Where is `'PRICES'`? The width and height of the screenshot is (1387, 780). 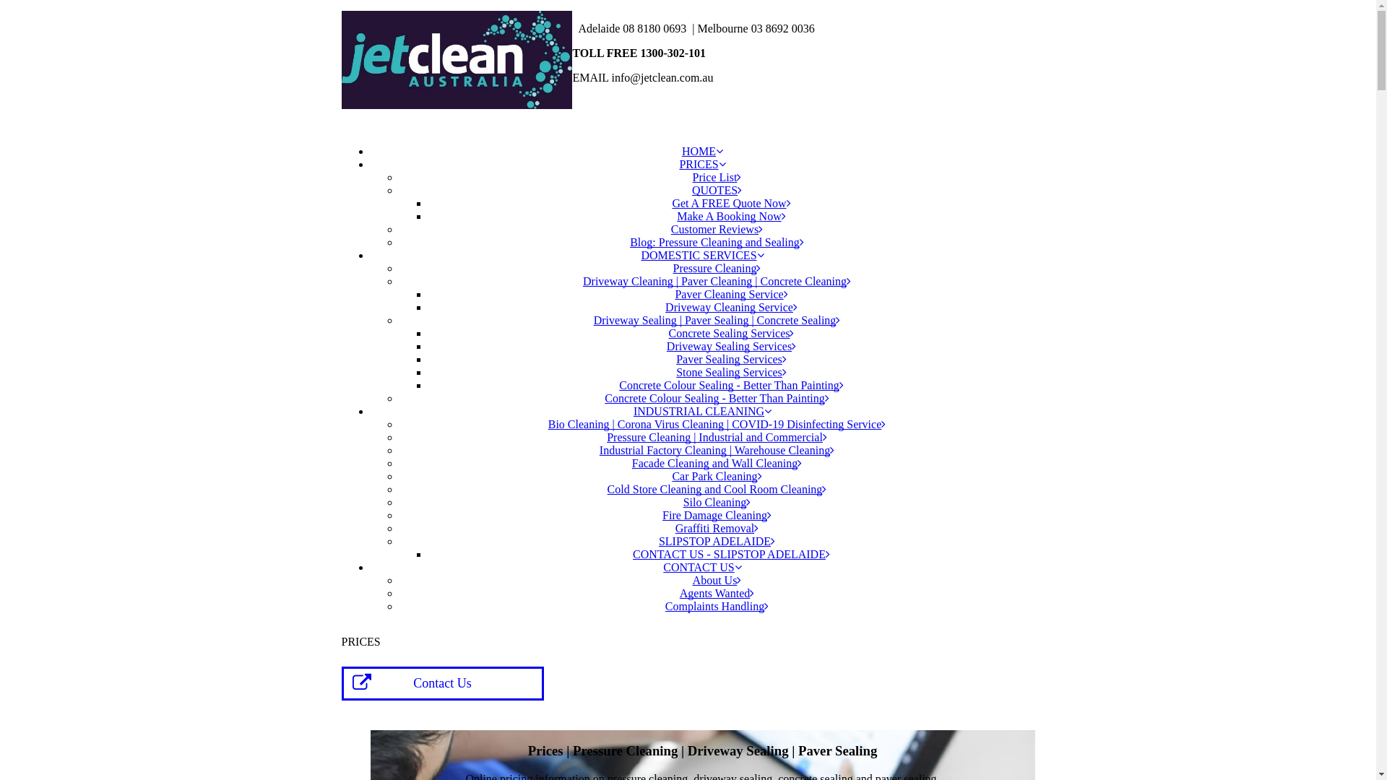
'PRICES' is located at coordinates (701, 163).